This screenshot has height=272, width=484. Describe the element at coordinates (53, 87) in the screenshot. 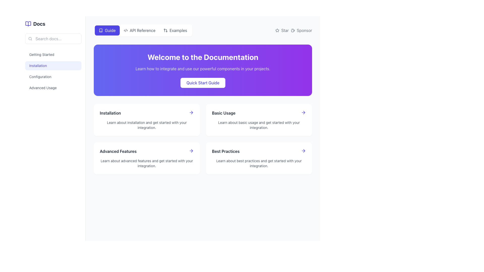

I see `the 'Advanced Usage' button located in the left sidebar, which is the fourth item in a vertically stacked list beneath 'Configuration'` at that location.